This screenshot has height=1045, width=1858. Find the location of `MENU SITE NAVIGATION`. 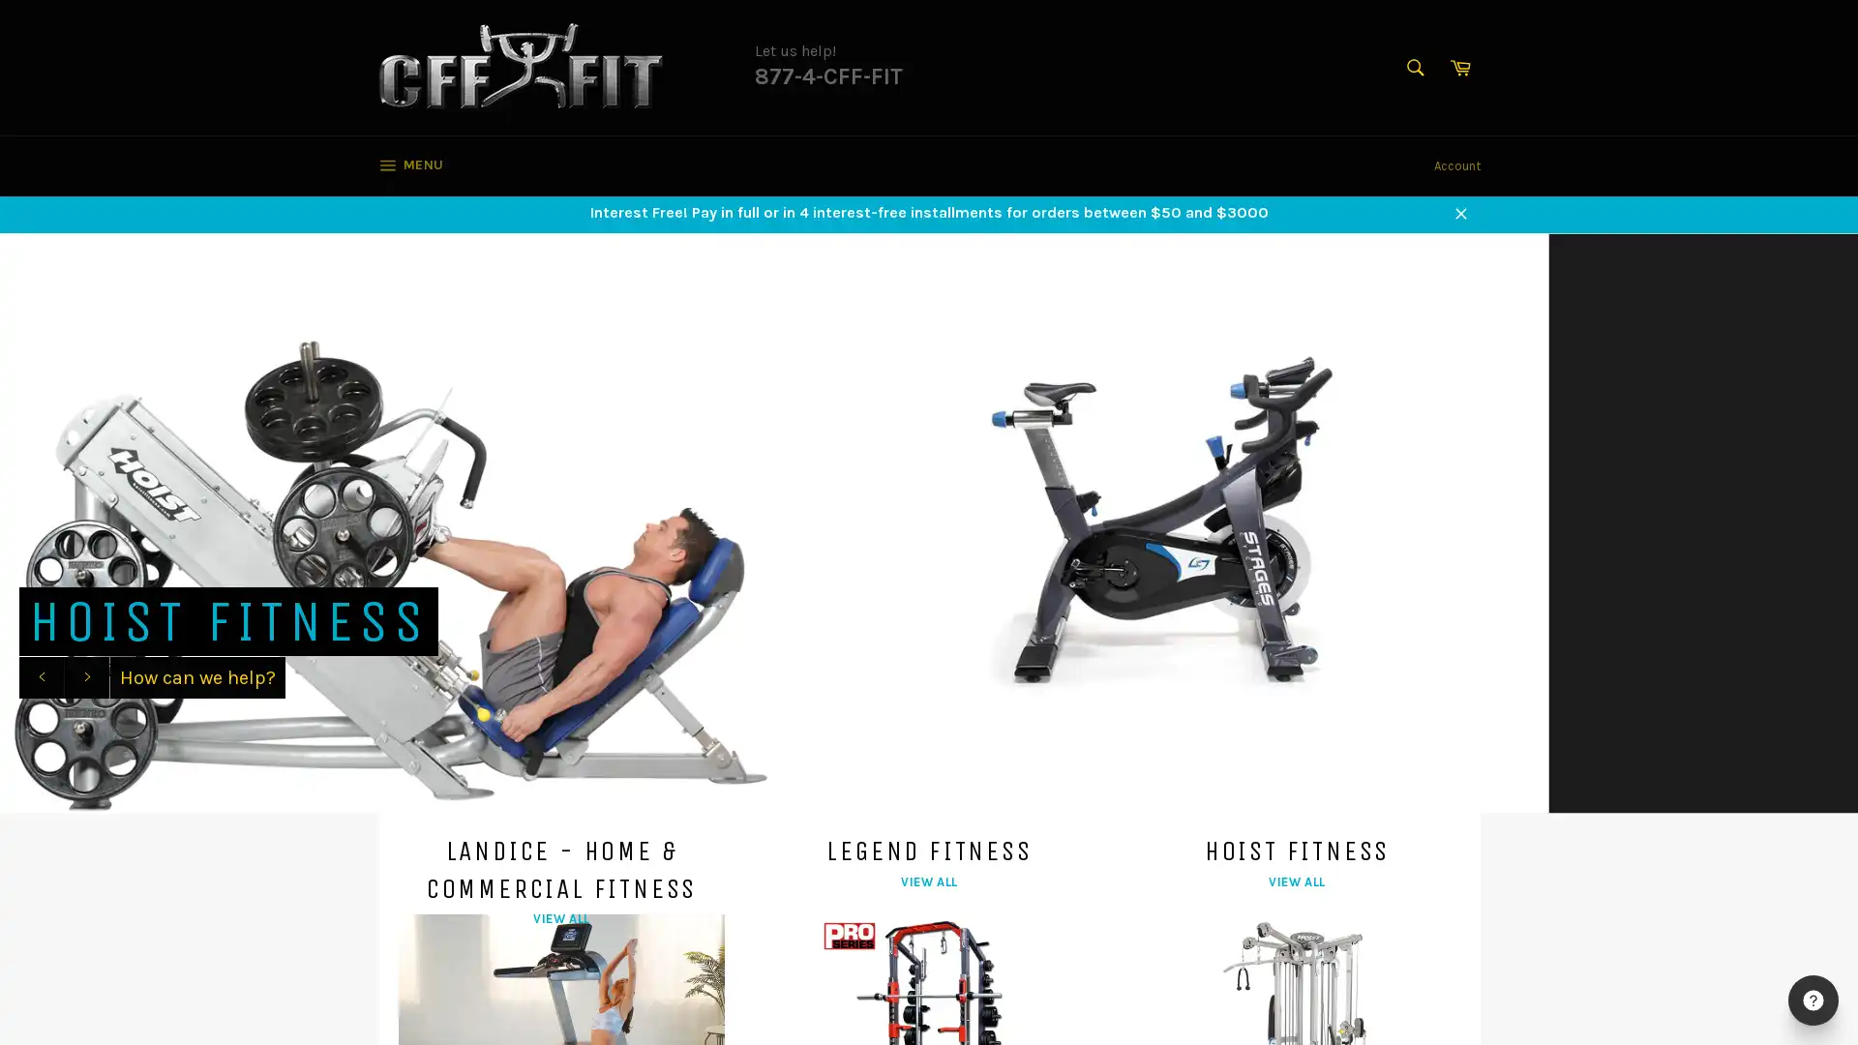

MENU SITE NAVIGATION is located at coordinates (409, 165).